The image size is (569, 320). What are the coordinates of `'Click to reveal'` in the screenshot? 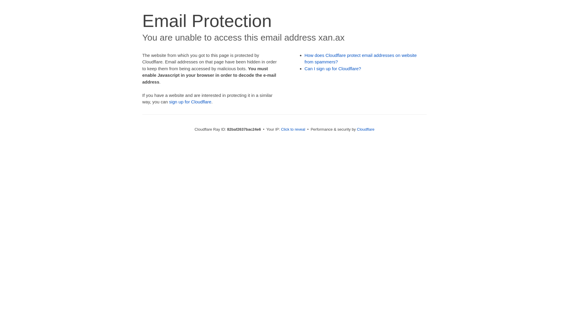 It's located at (281, 129).